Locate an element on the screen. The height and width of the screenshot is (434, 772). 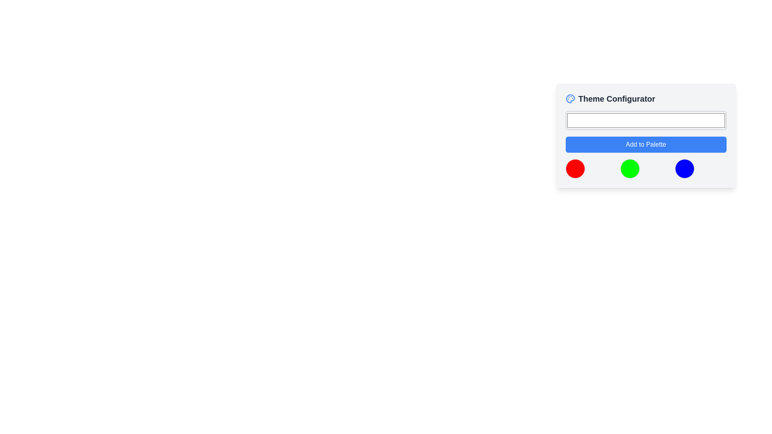
the blue circular palette icon located at the top-left of the interface, which includes smaller contrasting colored paint drop symbols is located at coordinates (570, 98).